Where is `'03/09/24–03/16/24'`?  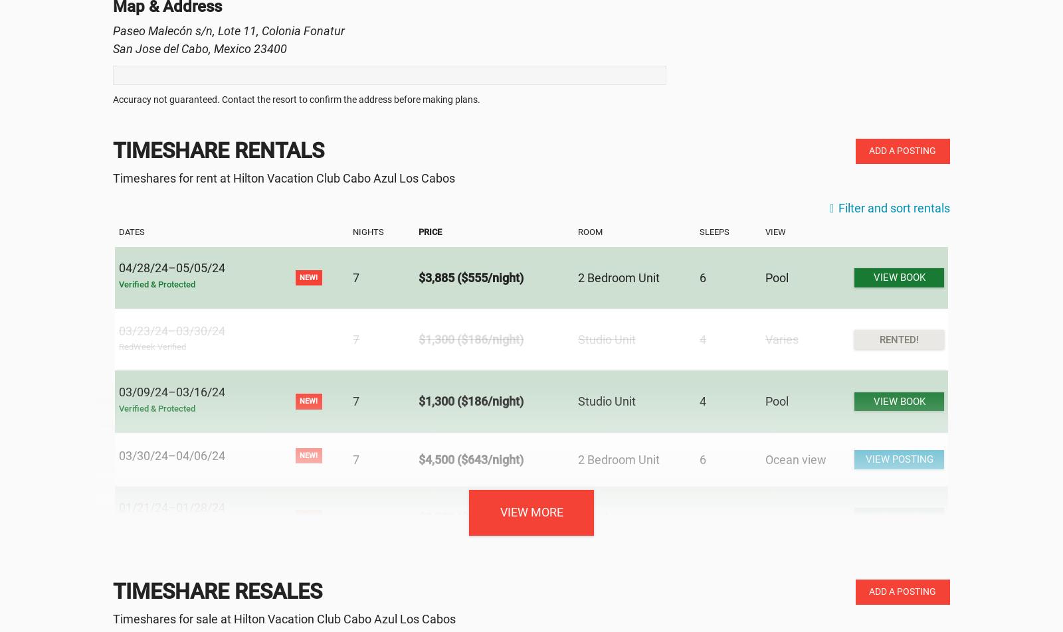
'03/09/24–03/16/24' is located at coordinates (171, 391).